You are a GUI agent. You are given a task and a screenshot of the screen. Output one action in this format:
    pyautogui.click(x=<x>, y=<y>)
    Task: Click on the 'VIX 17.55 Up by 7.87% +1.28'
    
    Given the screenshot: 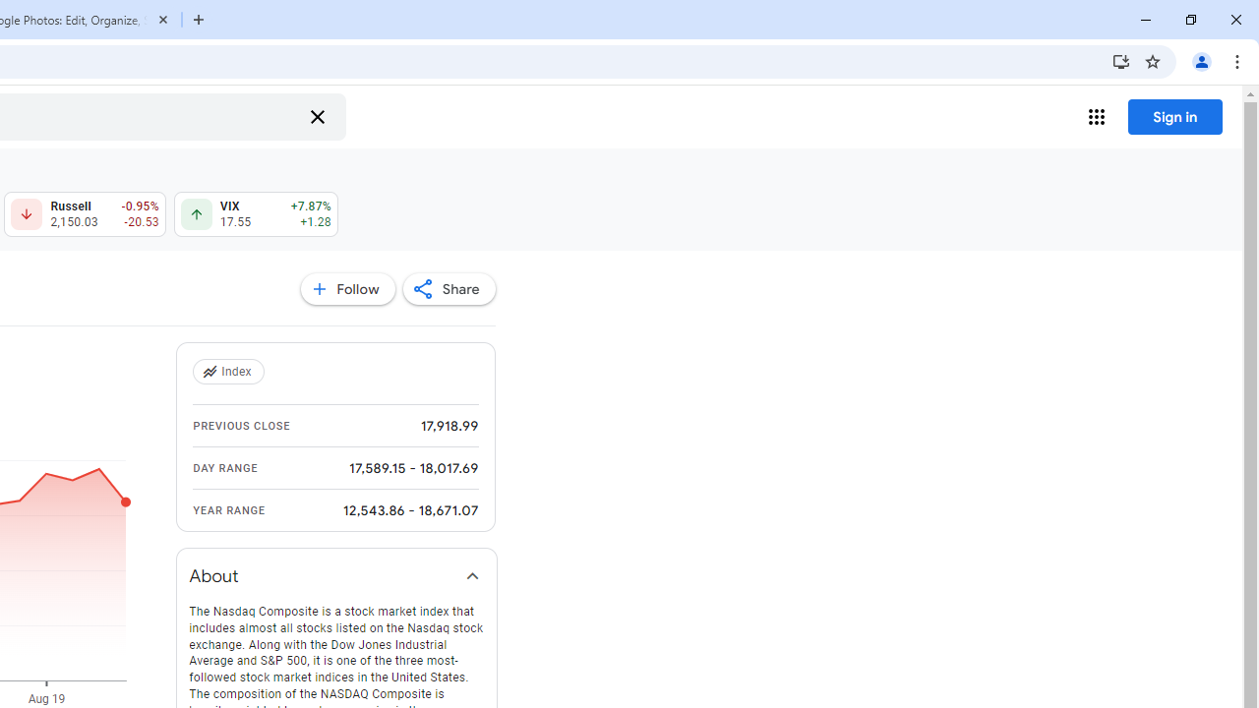 What is the action you would take?
    pyautogui.click(x=255, y=214)
    